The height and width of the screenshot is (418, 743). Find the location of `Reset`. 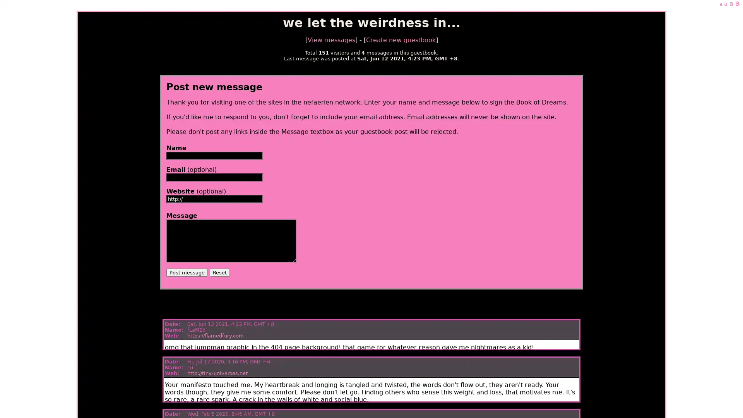

Reset is located at coordinates (219, 272).